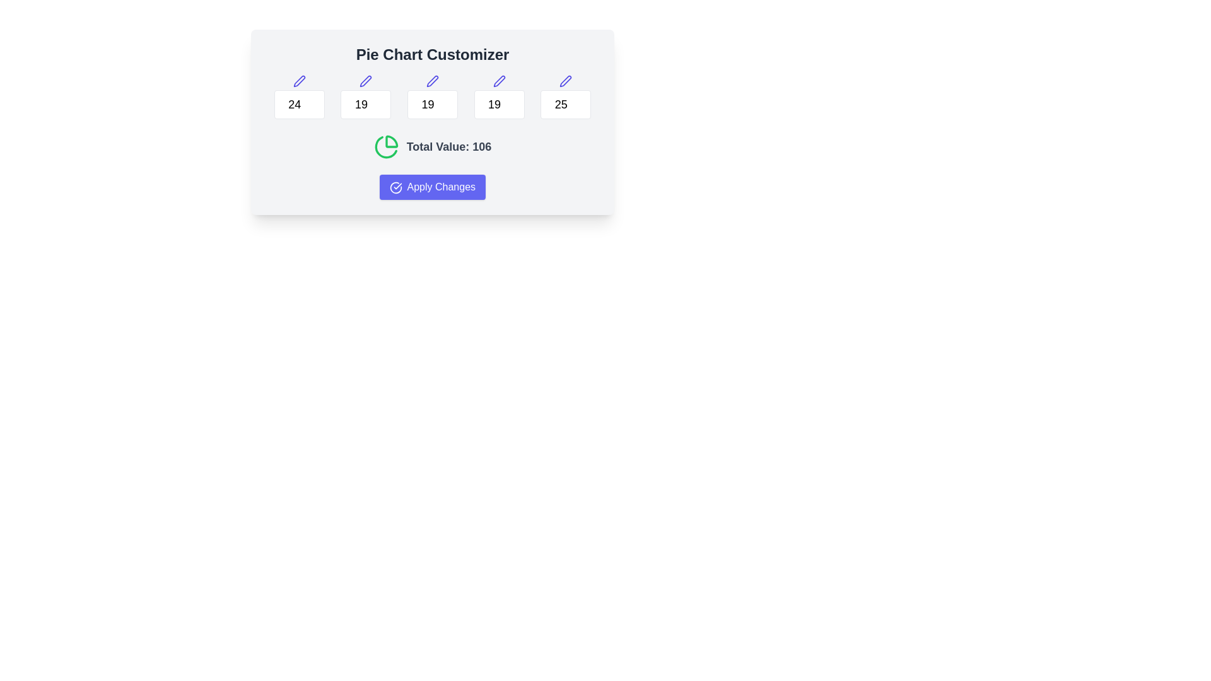 This screenshot has height=681, width=1211. What do you see at coordinates (565, 96) in the screenshot?
I see `the fifth text input box in the row of input boxes within the 'Pie Chart Customizer' layout to focus for input` at bounding box center [565, 96].